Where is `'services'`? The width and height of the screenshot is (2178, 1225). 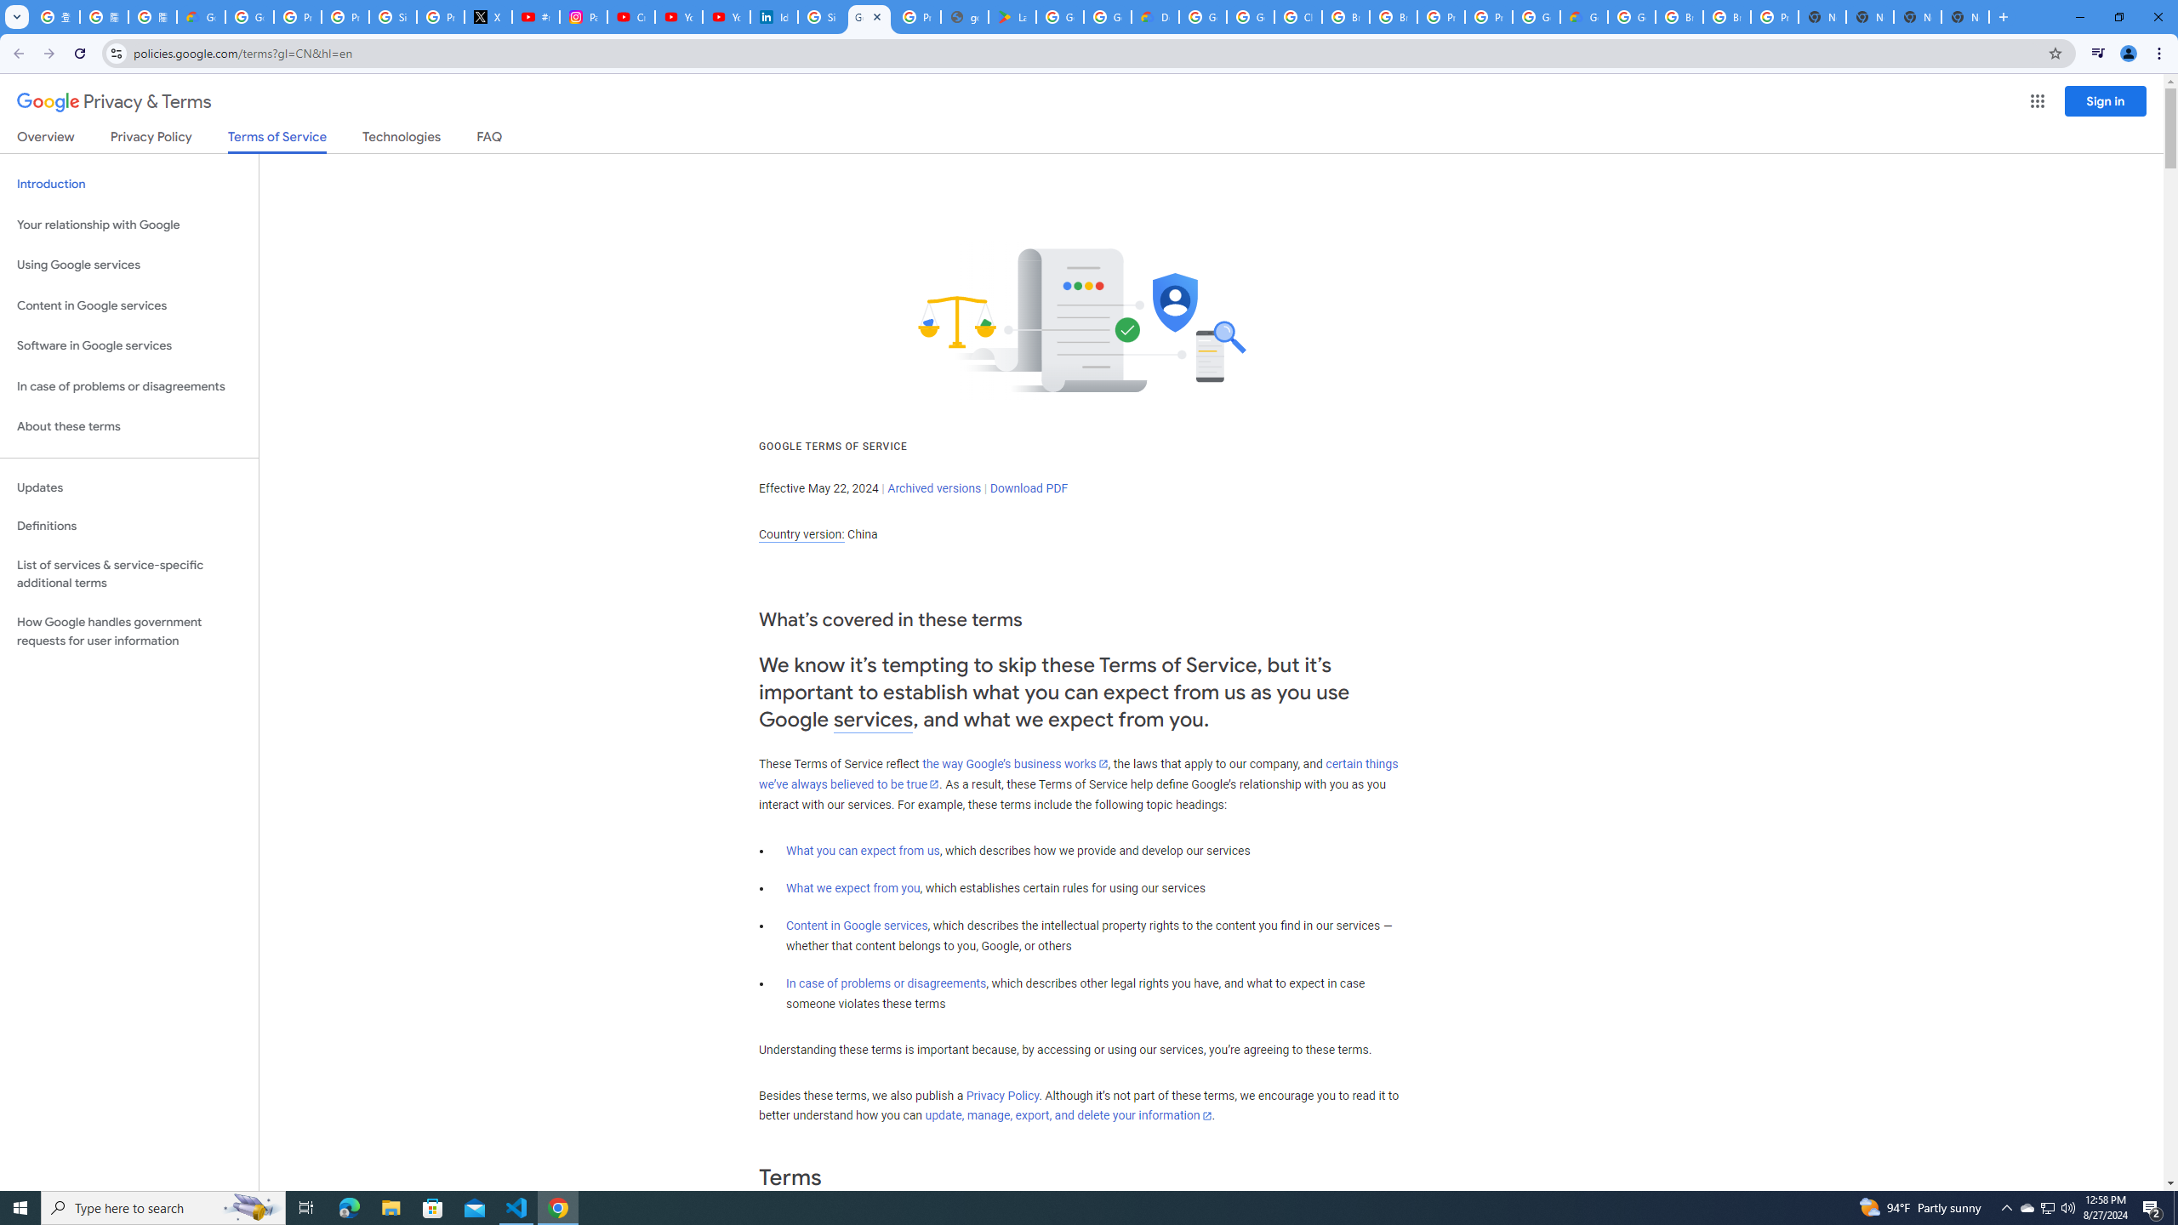
'services' is located at coordinates (873, 720).